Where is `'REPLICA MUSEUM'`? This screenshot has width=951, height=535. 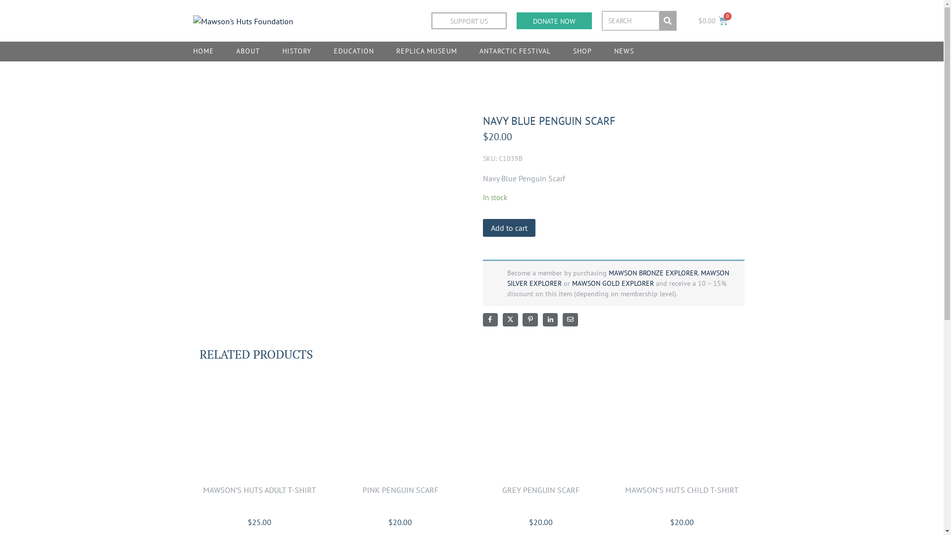 'REPLICA MUSEUM' is located at coordinates (426, 52).